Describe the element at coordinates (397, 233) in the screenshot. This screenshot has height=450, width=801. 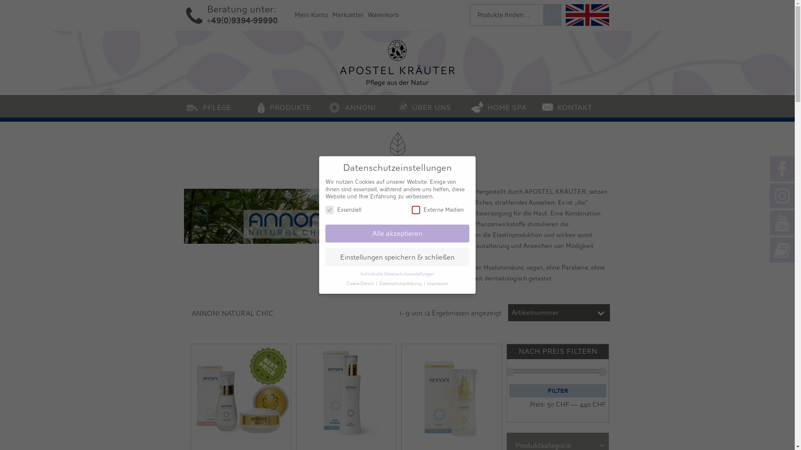
I see `'Alle akzeptieren'` at that location.